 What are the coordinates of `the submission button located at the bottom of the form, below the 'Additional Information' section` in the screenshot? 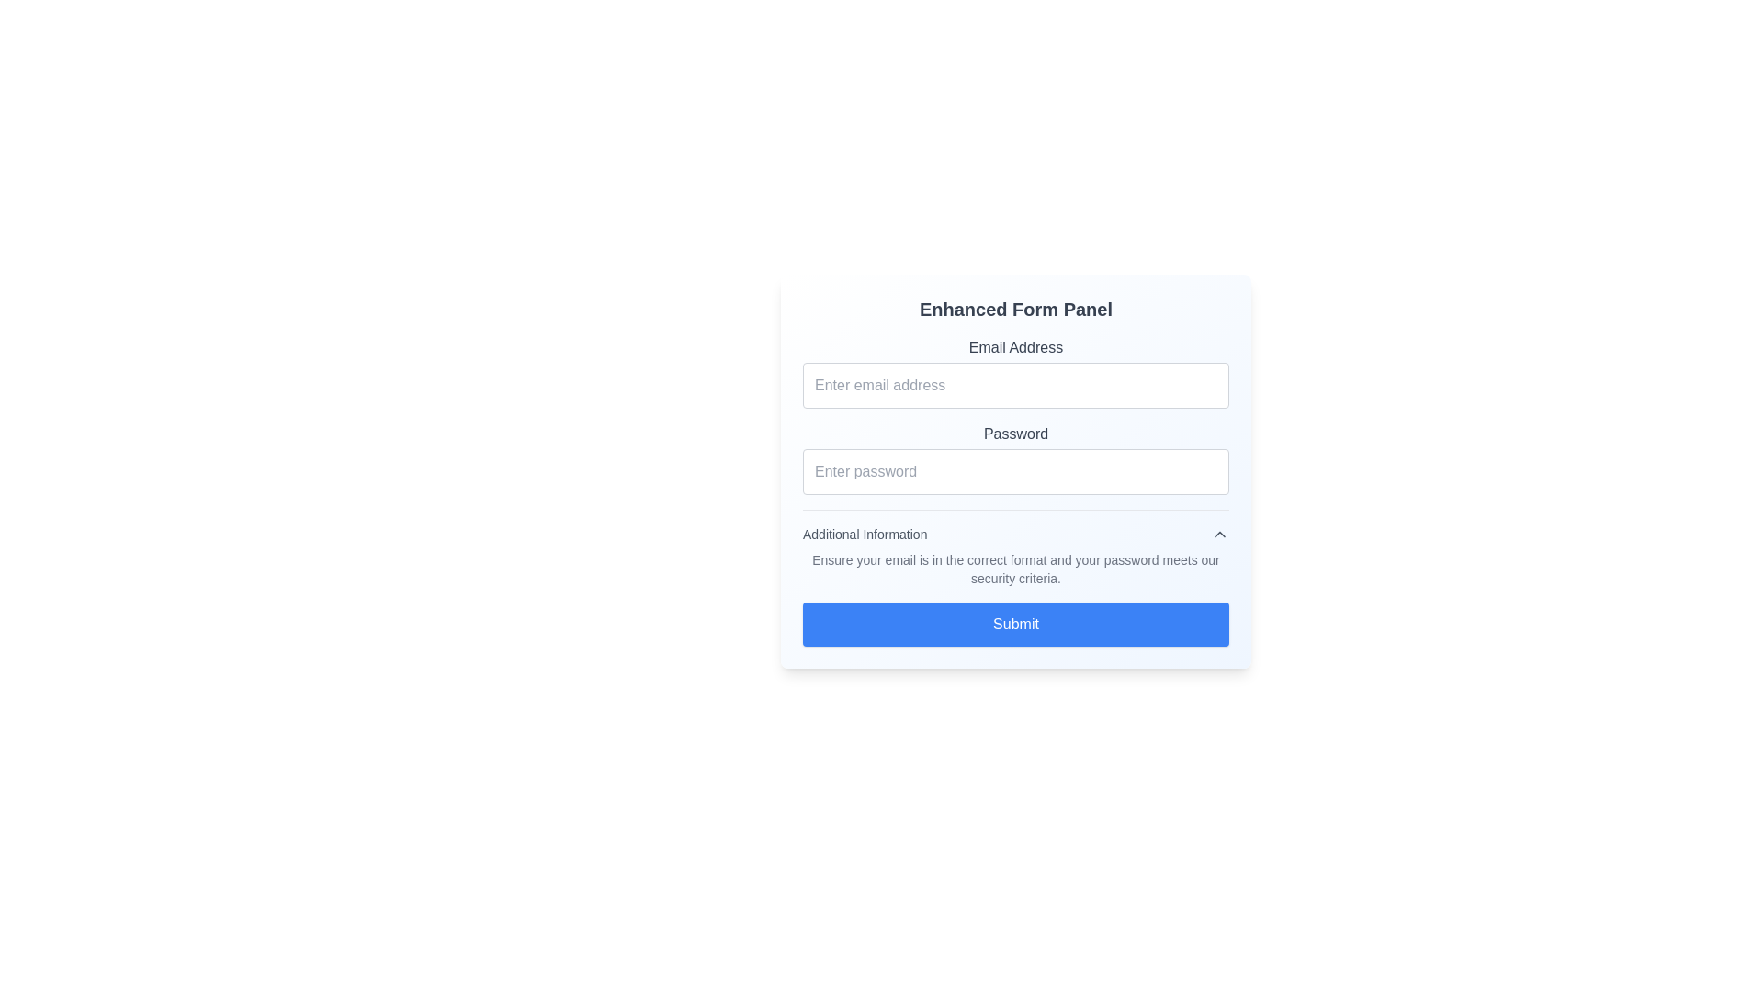 It's located at (1014, 623).